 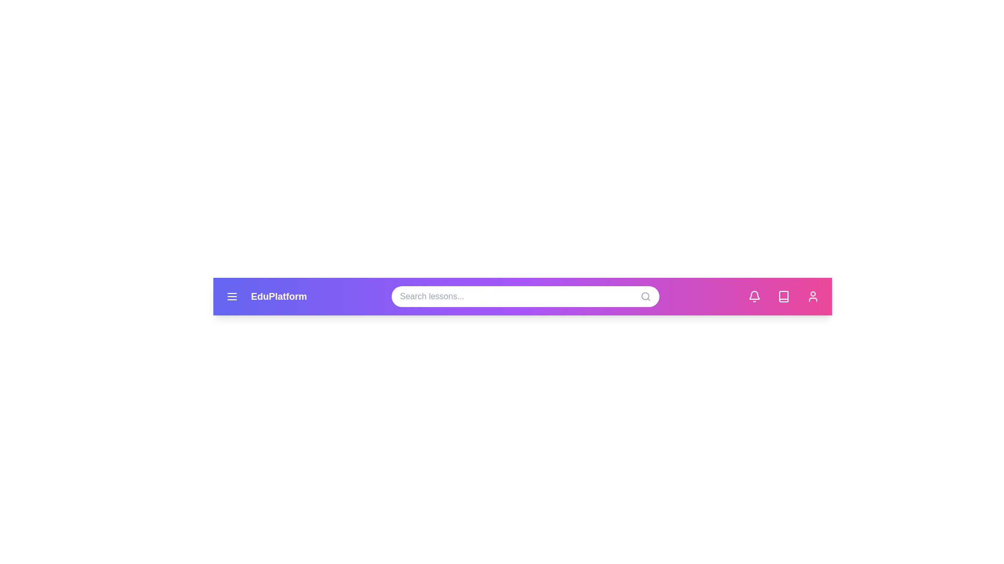 I want to click on the user icon to open the user profile, so click(x=813, y=296).